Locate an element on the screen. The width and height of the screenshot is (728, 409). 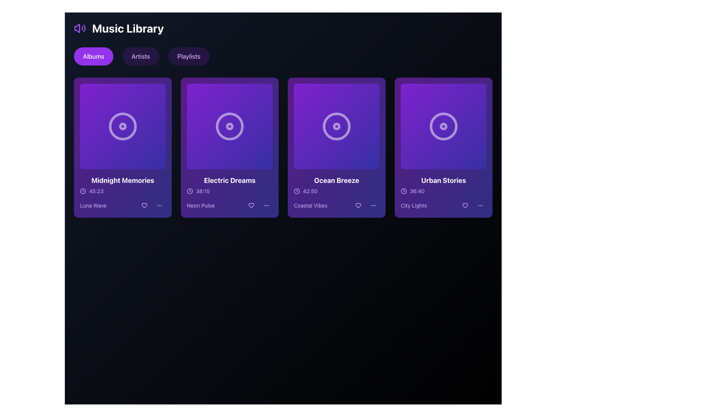
the central graphical circle element located in the 'Electric Dreams' card section, which represents the focal point of the circular design is located at coordinates (229, 126).